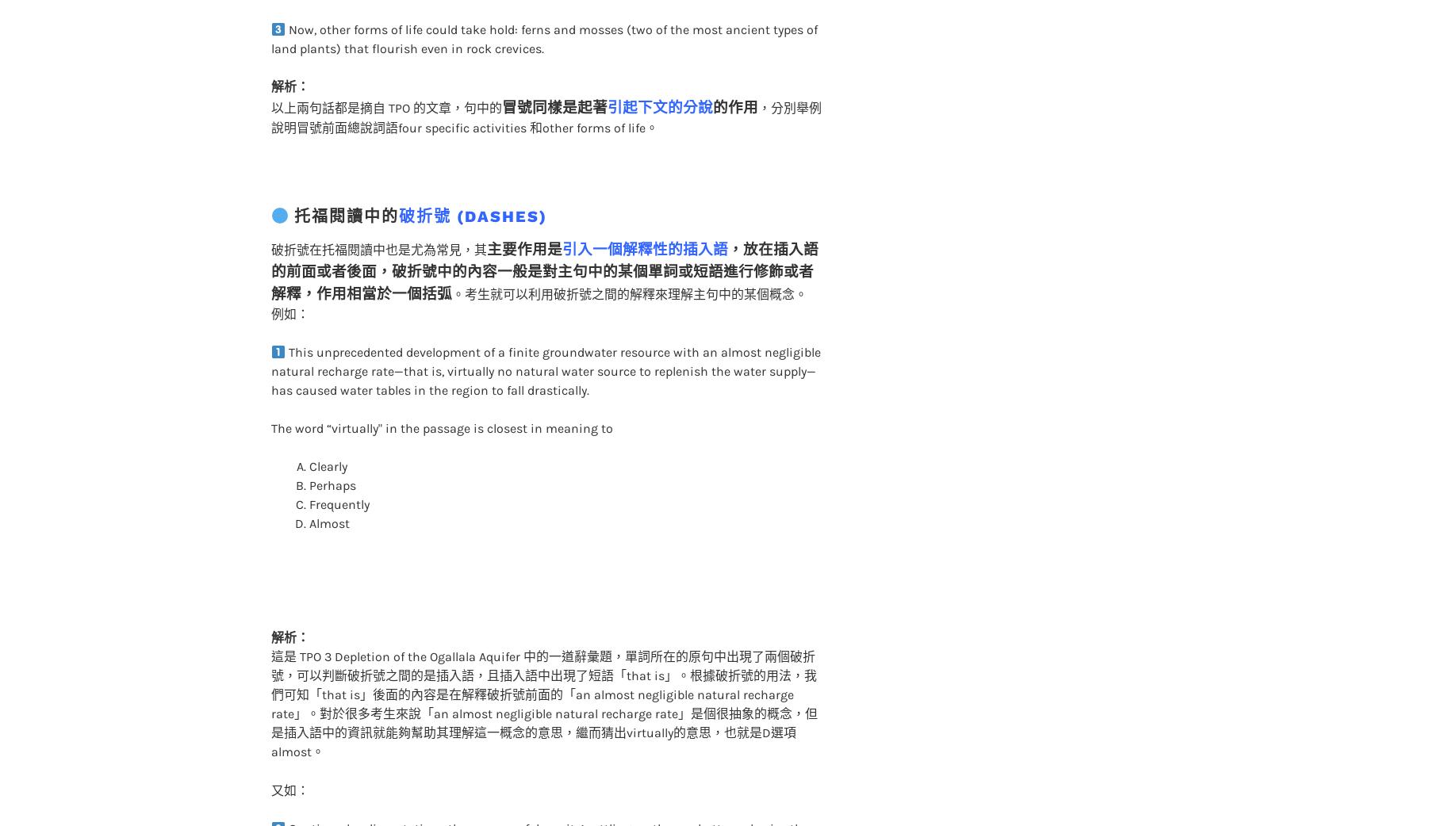  Describe the element at coordinates (385, 76) in the screenshot. I see `'以上兩句話都是摘自 TPO 的文章，句中的'` at that location.